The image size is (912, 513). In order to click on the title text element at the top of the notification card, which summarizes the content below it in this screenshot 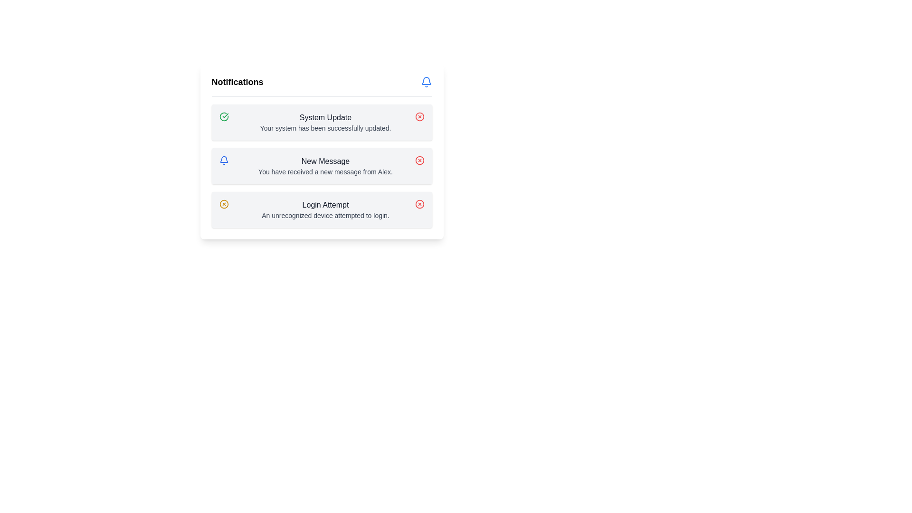, I will do `click(325, 117)`.